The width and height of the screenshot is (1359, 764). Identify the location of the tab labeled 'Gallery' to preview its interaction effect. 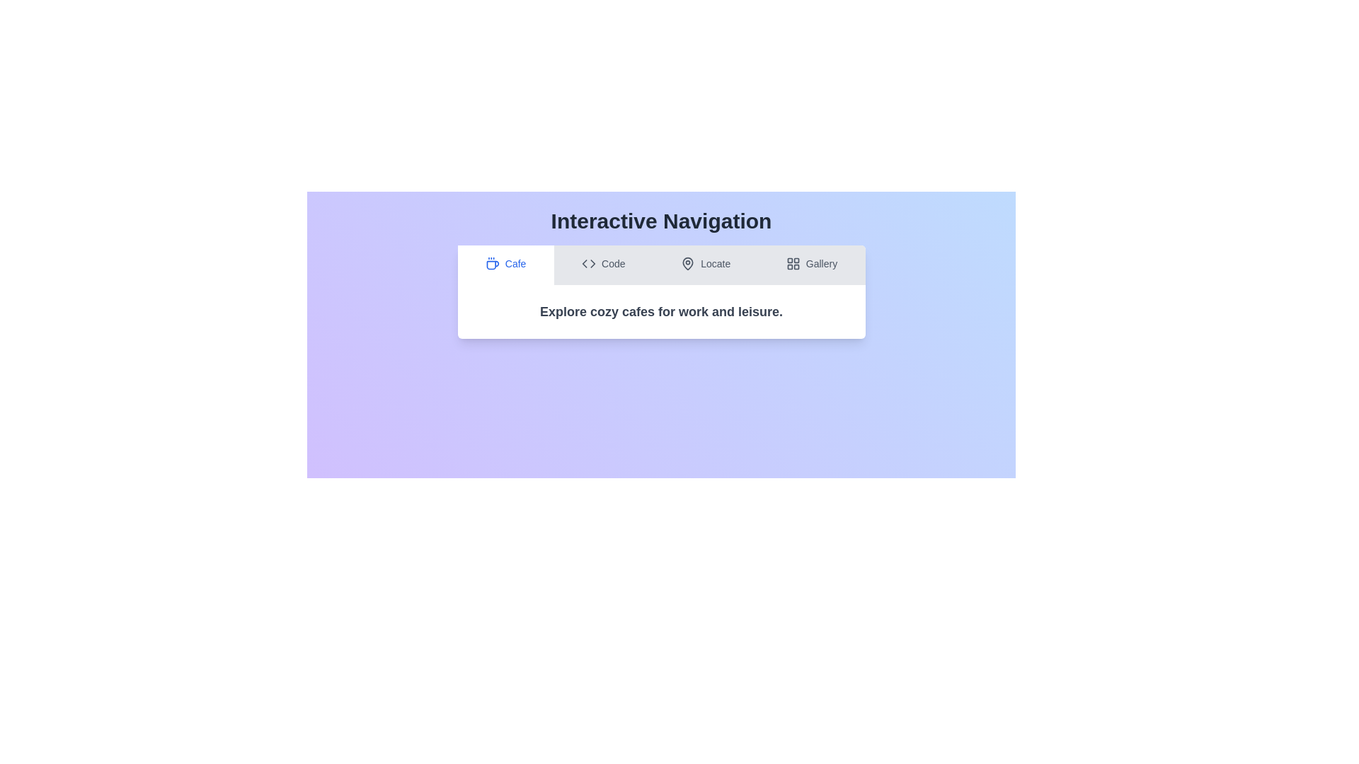
(812, 265).